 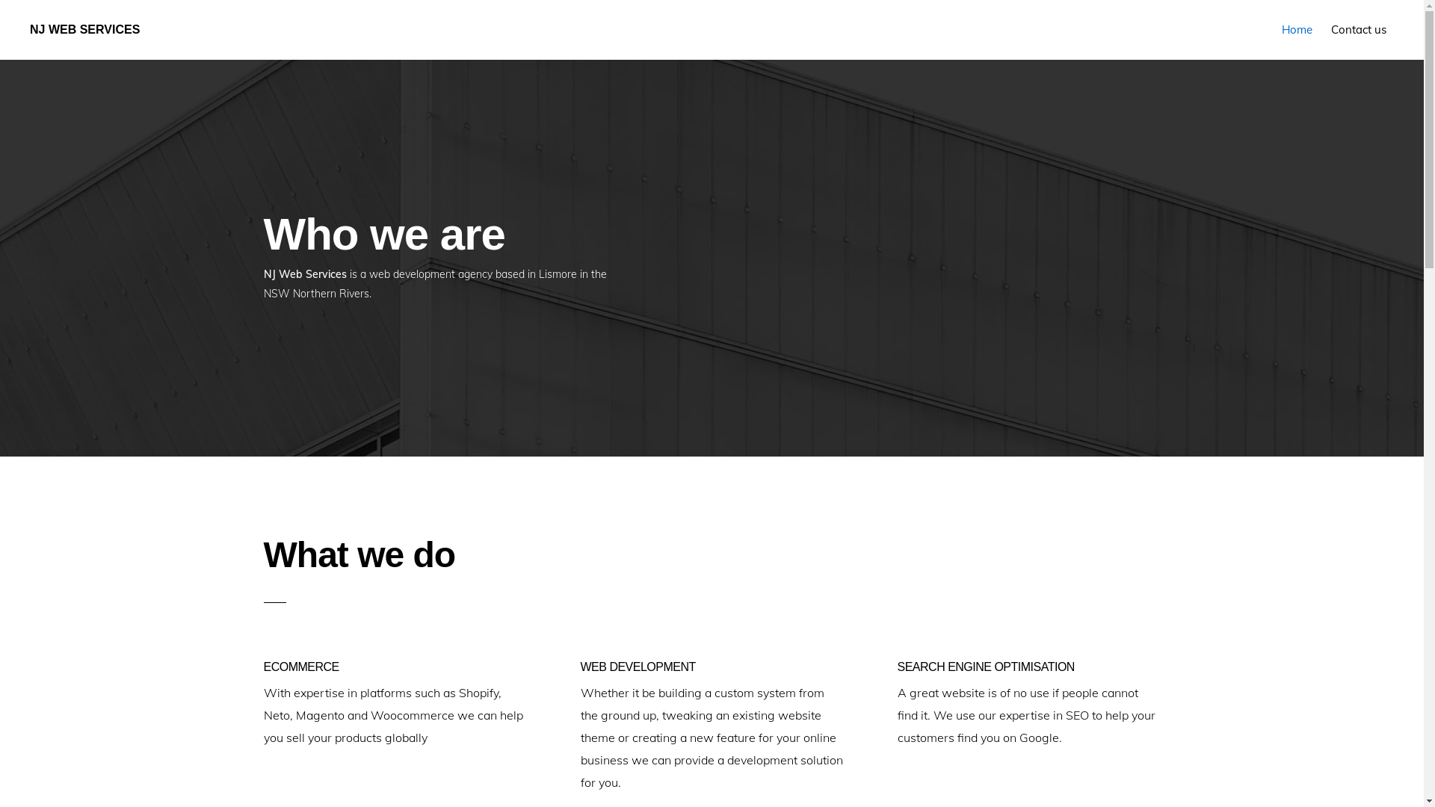 I want to click on 'Skip to primary navigation', so click(x=0, y=0).